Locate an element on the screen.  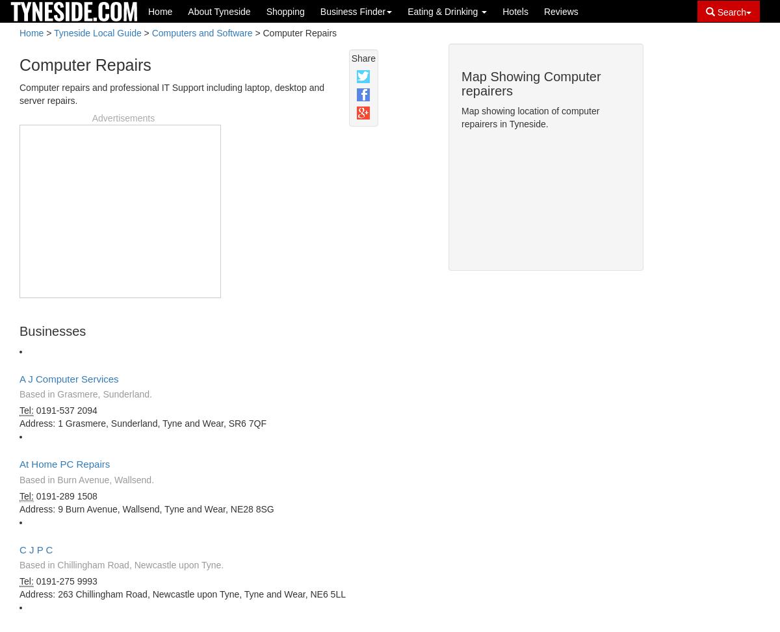
'Business Finder' is located at coordinates (318, 12).